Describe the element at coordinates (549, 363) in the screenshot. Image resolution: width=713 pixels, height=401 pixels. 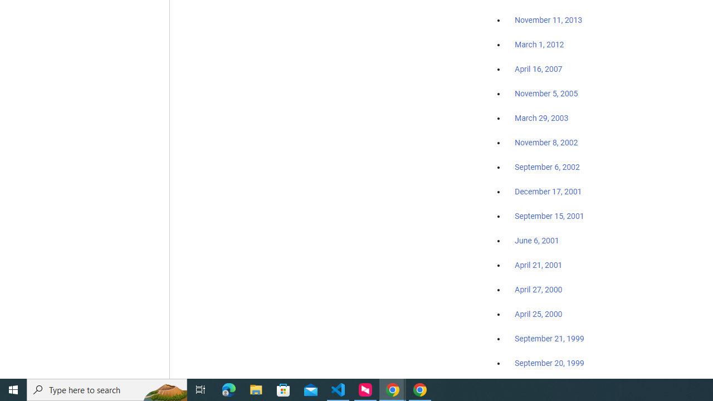
I see `'September 20, 1999'` at that location.